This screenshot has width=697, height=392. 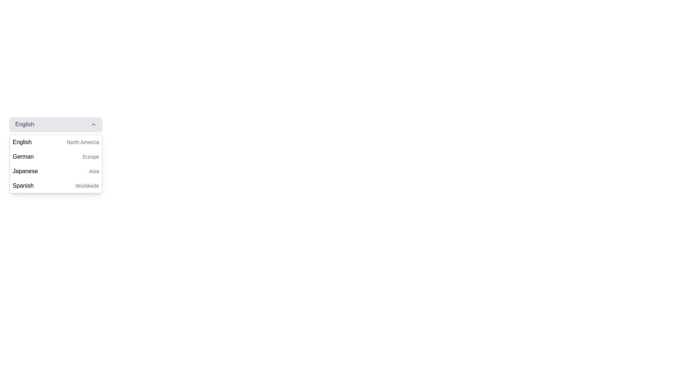 I want to click on the first list item in the dropdown menu displaying 'English' and 'North America', so click(x=55, y=142).